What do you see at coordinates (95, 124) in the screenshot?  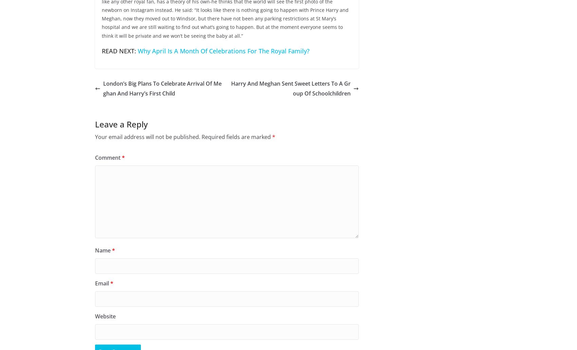 I see `'Leave a Reply'` at bounding box center [95, 124].